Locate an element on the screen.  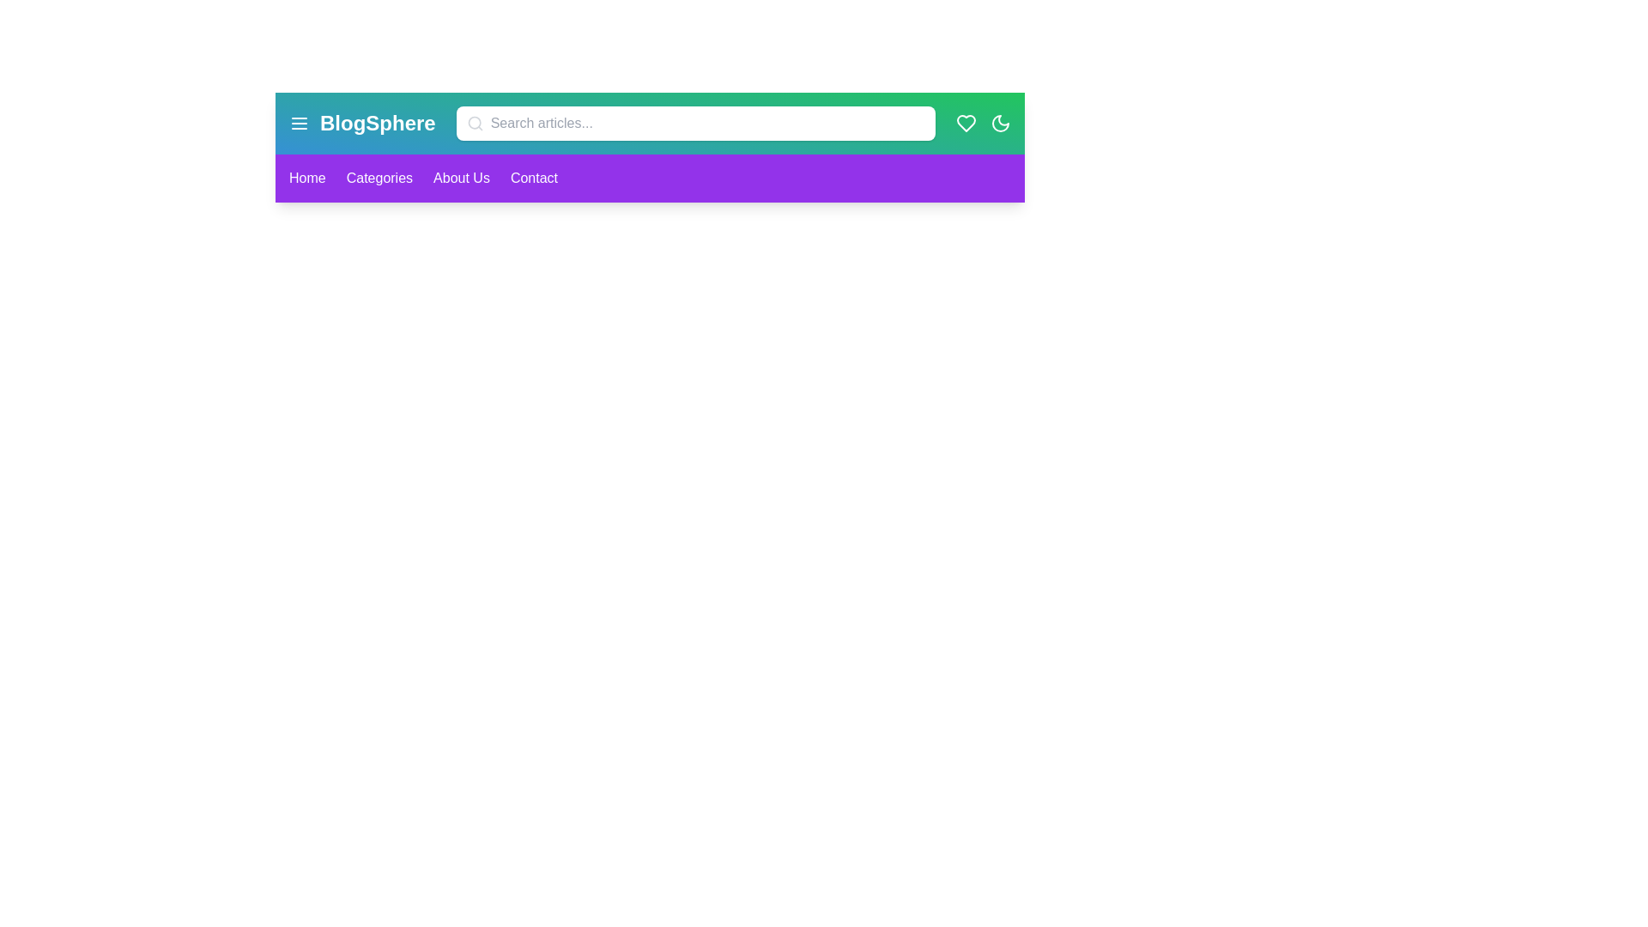
the 'Categories' link in the navigation bar is located at coordinates (378, 179).